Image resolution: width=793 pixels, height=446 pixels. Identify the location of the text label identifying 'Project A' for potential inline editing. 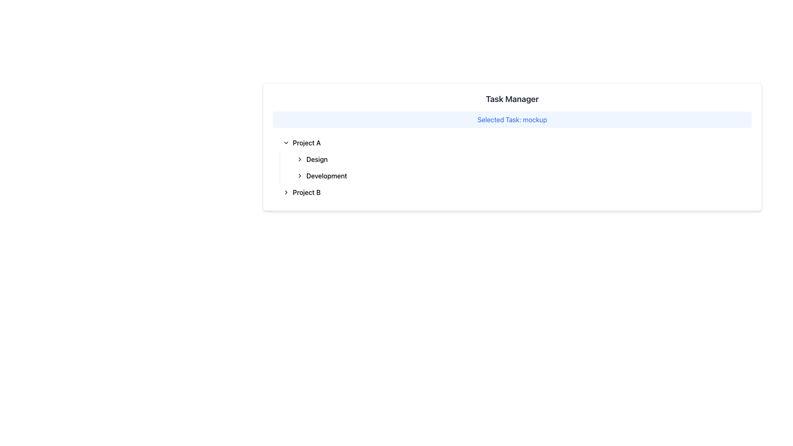
(306, 142).